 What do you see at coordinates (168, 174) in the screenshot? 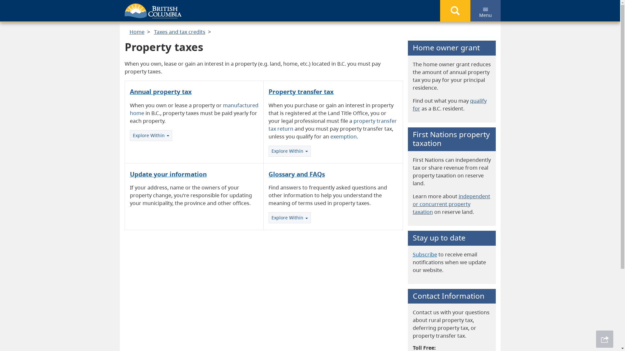
I see `'Update your information'` at bounding box center [168, 174].